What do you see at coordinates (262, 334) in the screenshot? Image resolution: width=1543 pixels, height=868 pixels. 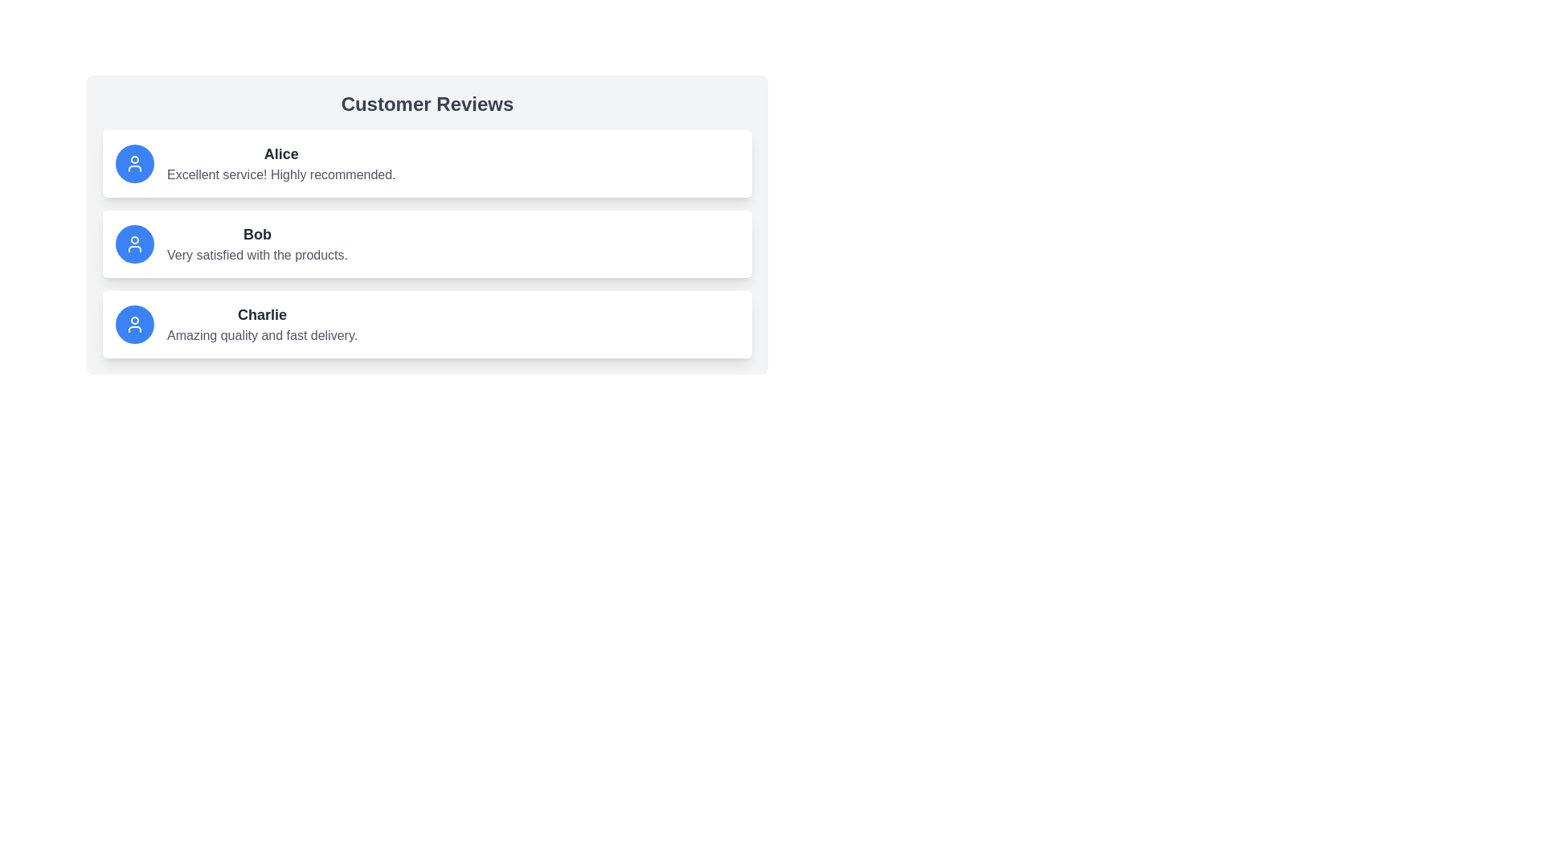 I see `the text block that states 'Amazing quality and fast delivery.' located in the review section by 'Charlie'` at bounding box center [262, 334].